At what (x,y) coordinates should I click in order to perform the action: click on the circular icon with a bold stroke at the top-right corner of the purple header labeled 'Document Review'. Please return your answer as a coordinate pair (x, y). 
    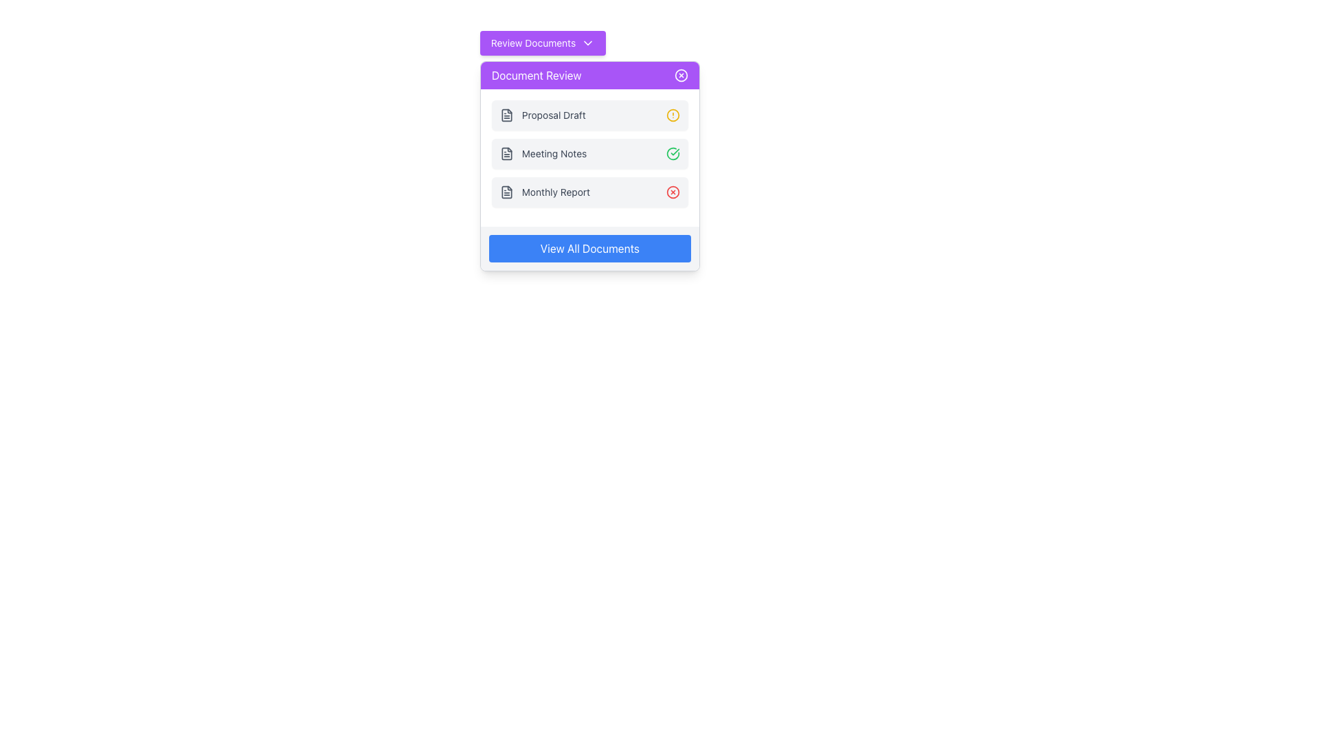
    Looking at the image, I should click on (681, 76).